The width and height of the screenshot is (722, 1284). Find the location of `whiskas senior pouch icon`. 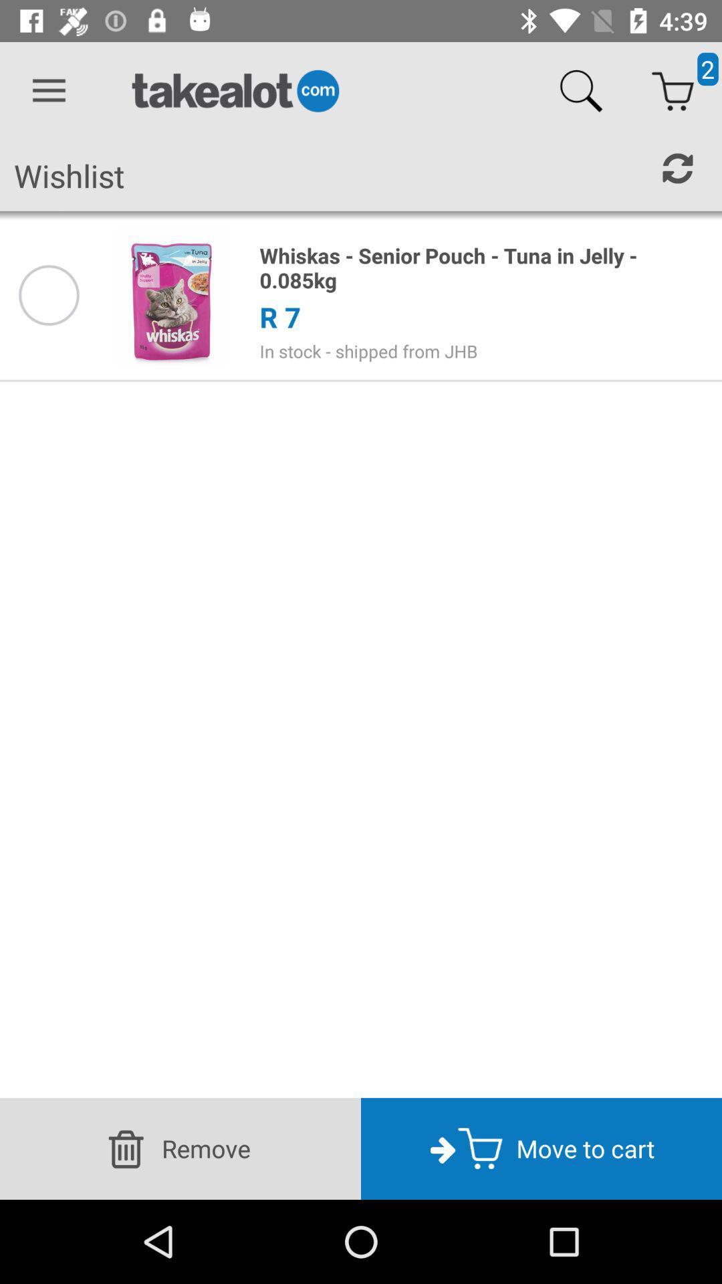

whiskas senior pouch icon is located at coordinates (483, 267).